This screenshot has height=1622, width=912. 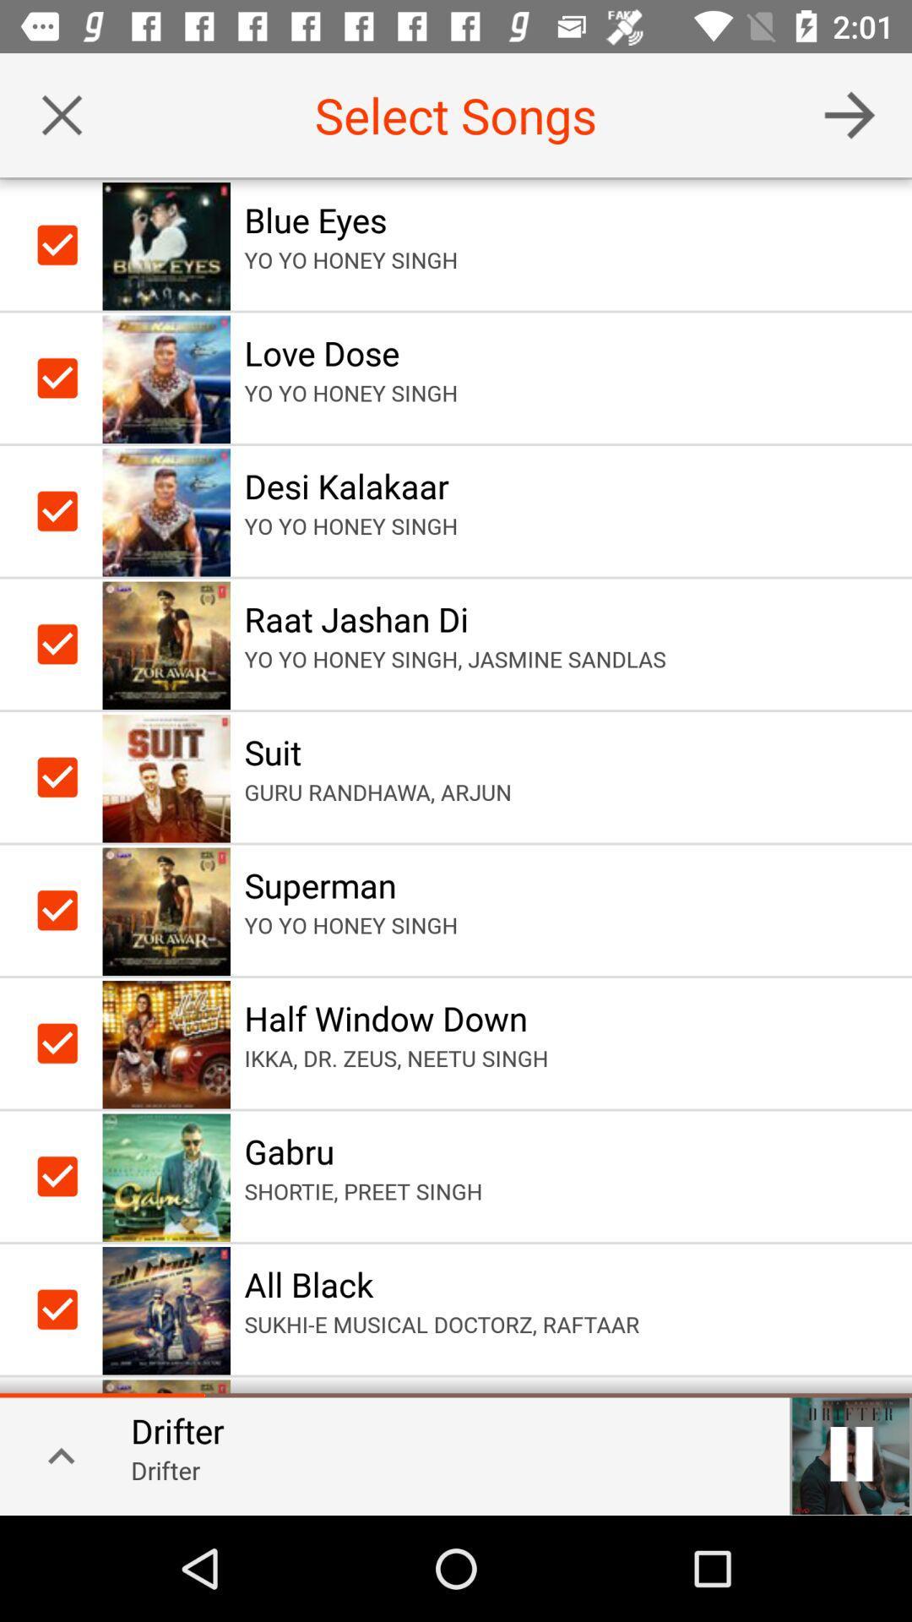 What do you see at coordinates (850, 1453) in the screenshot?
I see `the video` at bounding box center [850, 1453].